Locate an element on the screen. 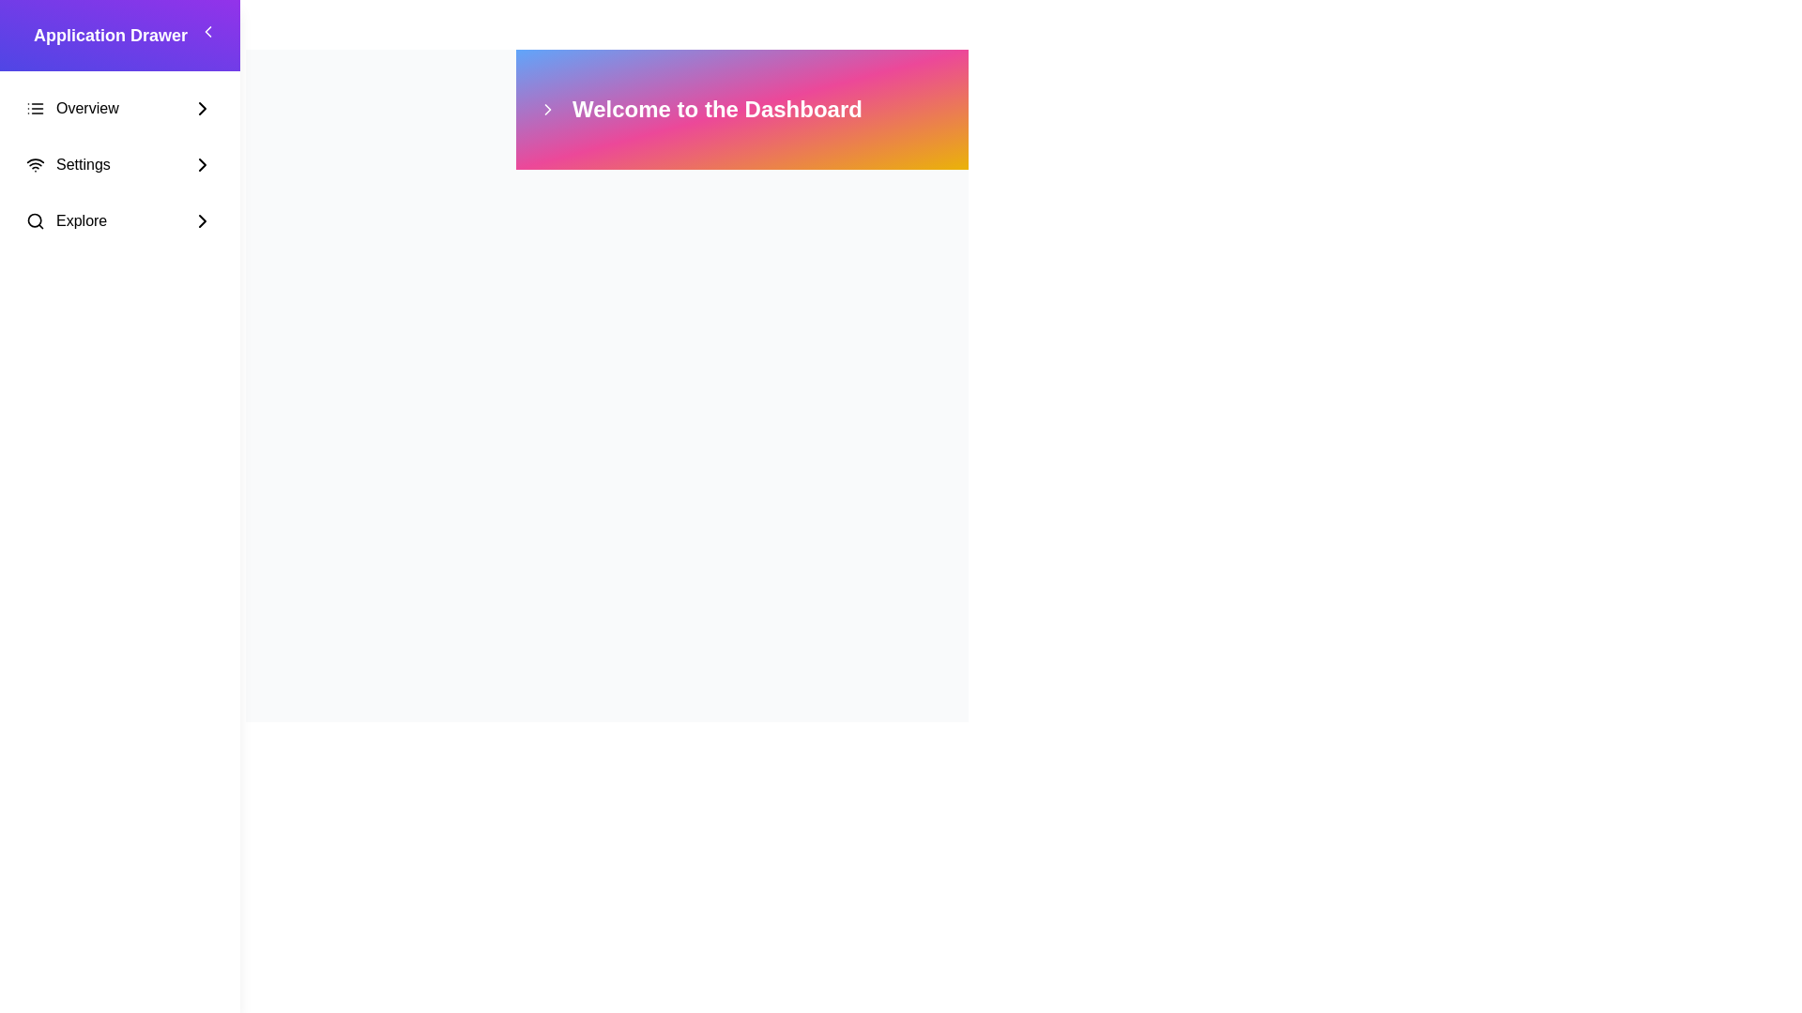 Image resolution: width=1802 pixels, height=1013 pixels. the icon located at the right end of the 'Explore' row in the vertical navigation menu is located at coordinates (203, 219).